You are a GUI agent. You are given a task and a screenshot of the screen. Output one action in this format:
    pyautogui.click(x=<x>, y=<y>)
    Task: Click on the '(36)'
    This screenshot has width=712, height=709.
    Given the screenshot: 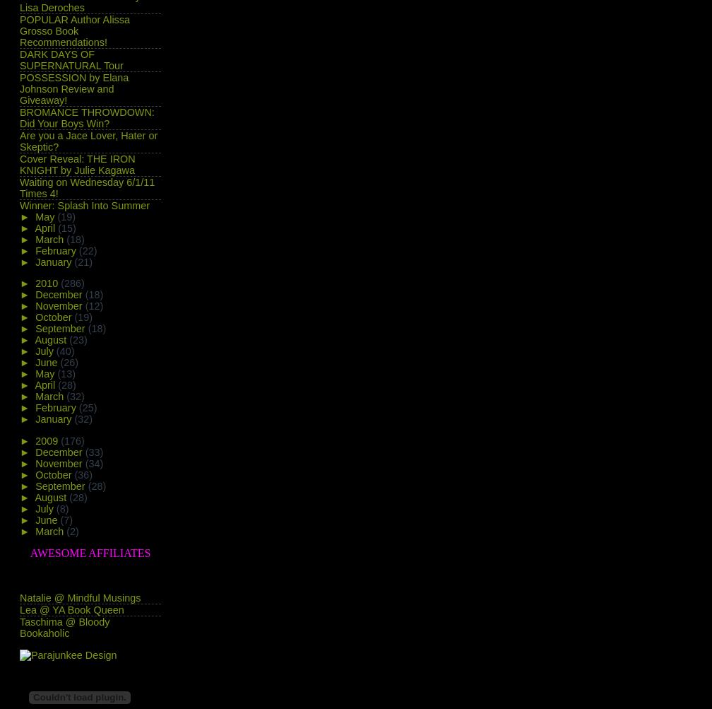 What is the action you would take?
    pyautogui.click(x=83, y=474)
    